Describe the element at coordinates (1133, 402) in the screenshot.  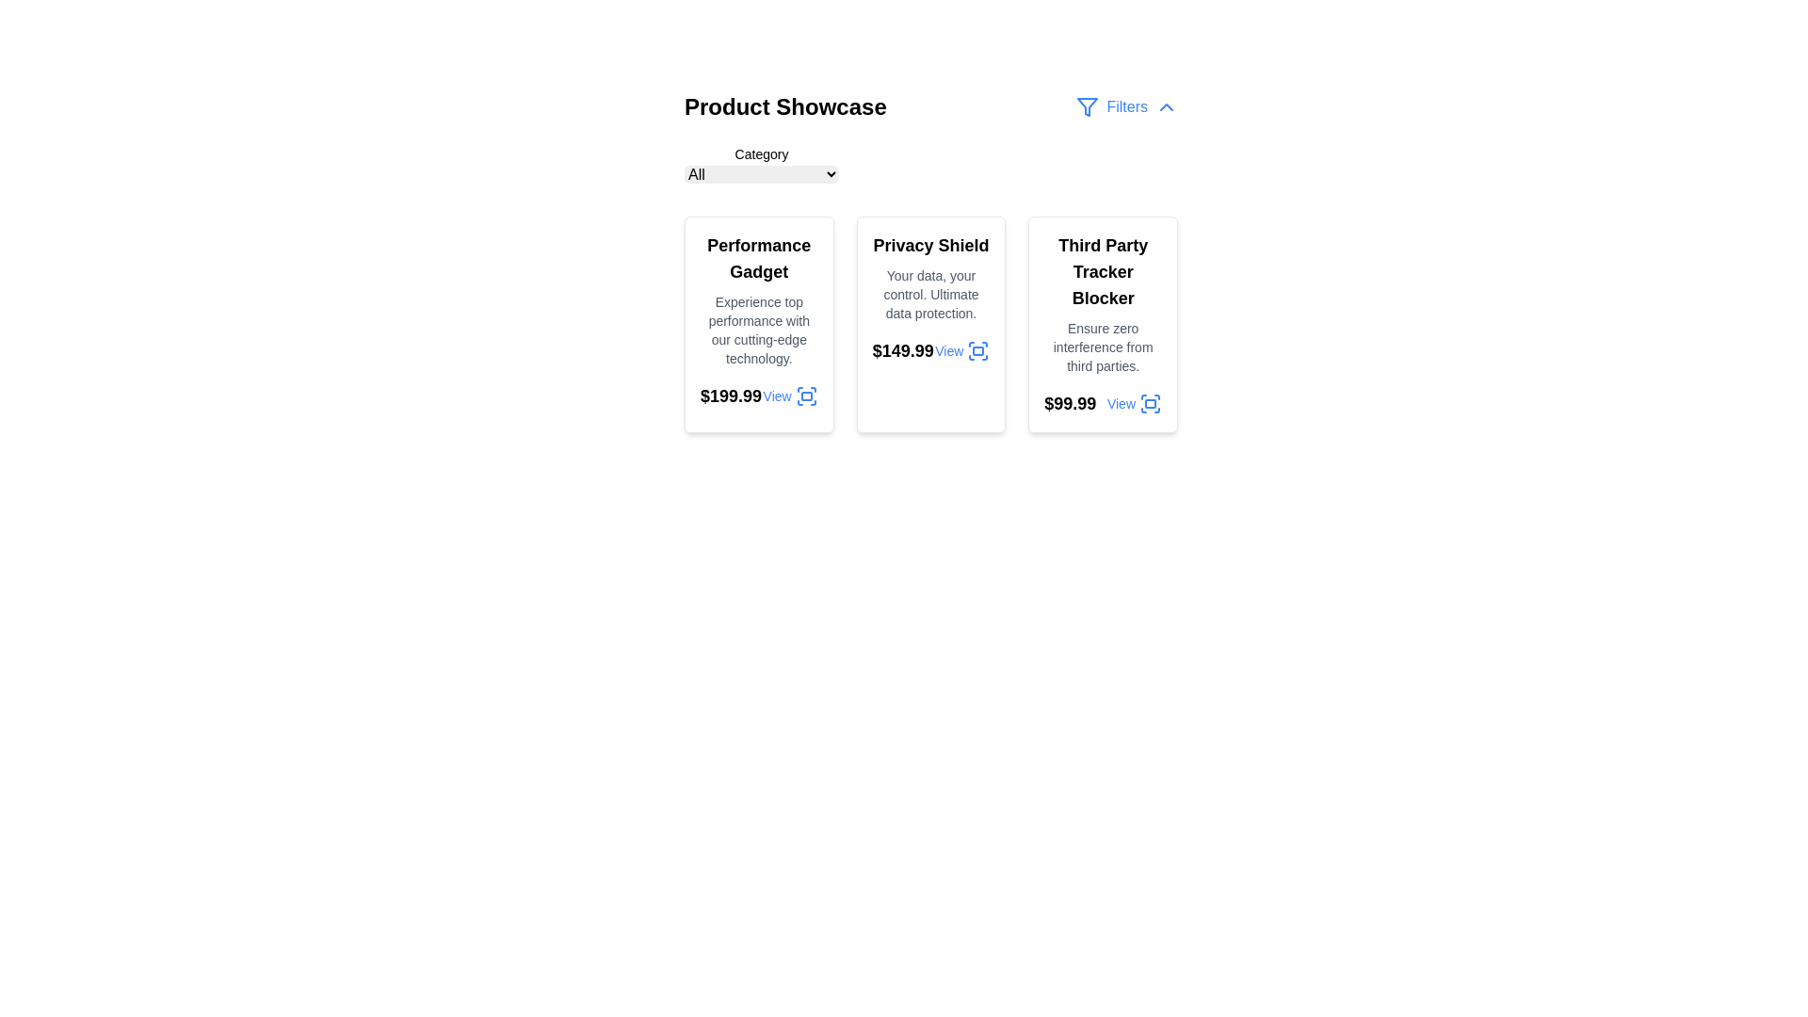
I see `the button located in the bottom-right corner of the 'Third Party Tracker Blocker' card to change the text color` at that location.